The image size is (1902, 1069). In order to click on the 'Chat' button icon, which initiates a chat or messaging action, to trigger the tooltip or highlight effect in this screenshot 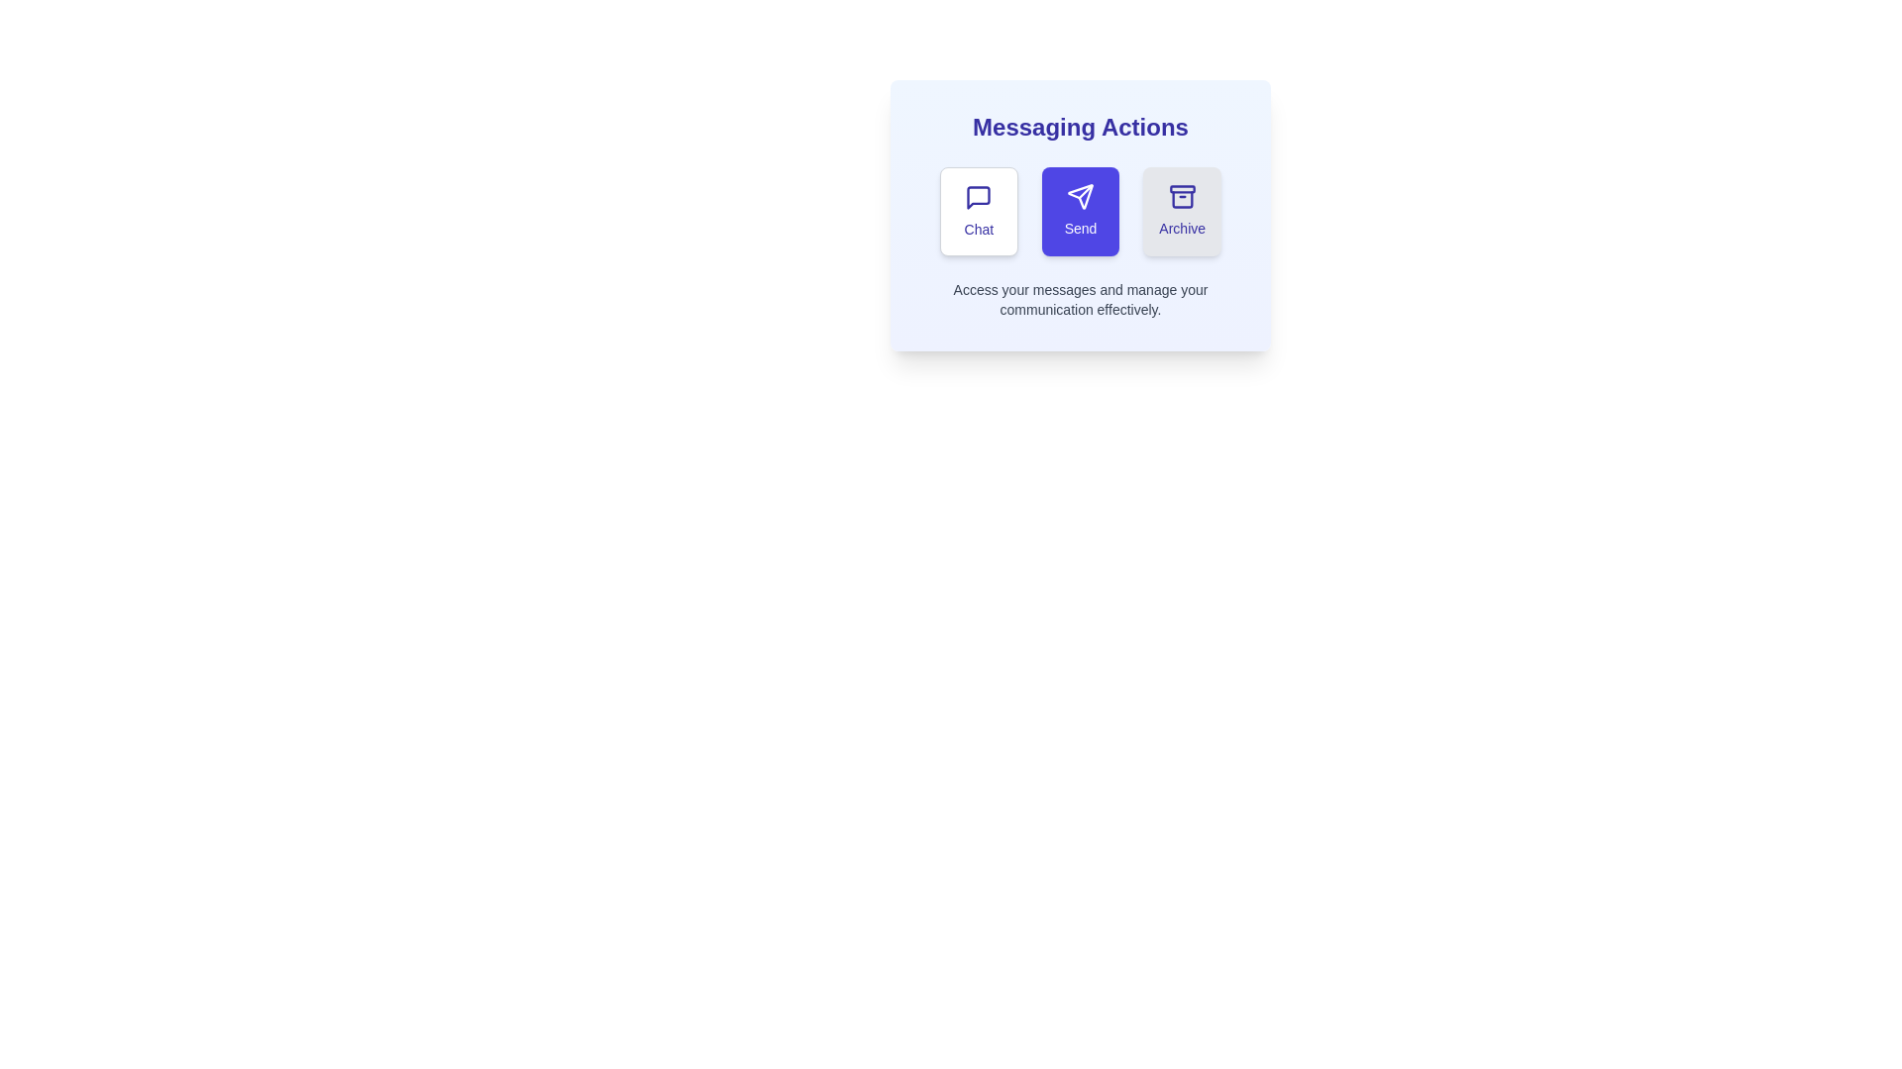, I will do `click(979, 198)`.